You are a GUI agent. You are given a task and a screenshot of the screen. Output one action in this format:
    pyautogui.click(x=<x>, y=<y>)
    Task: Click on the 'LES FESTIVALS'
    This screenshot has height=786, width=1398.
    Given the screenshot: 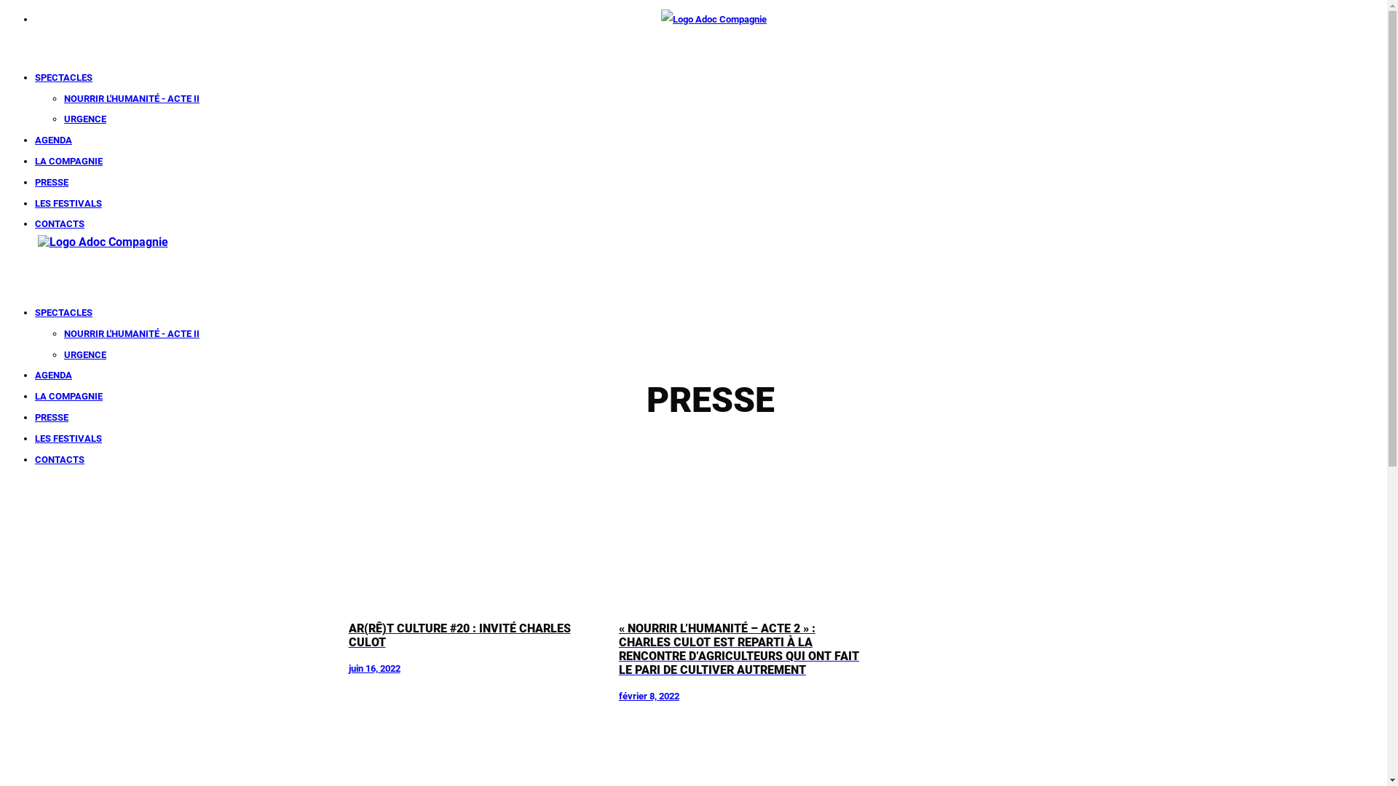 What is the action you would take?
    pyautogui.click(x=68, y=437)
    